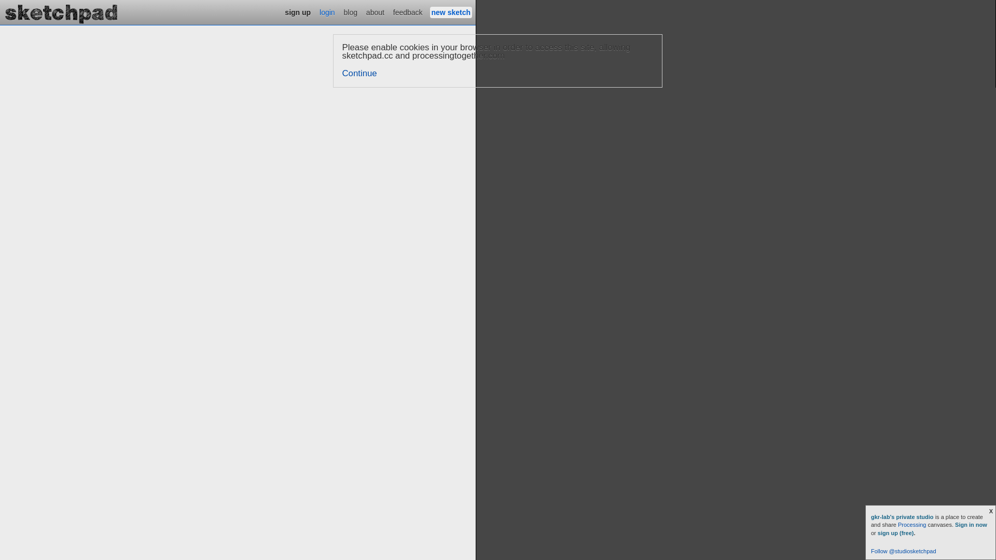  I want to click on 'new sketch', so click(451, 12).